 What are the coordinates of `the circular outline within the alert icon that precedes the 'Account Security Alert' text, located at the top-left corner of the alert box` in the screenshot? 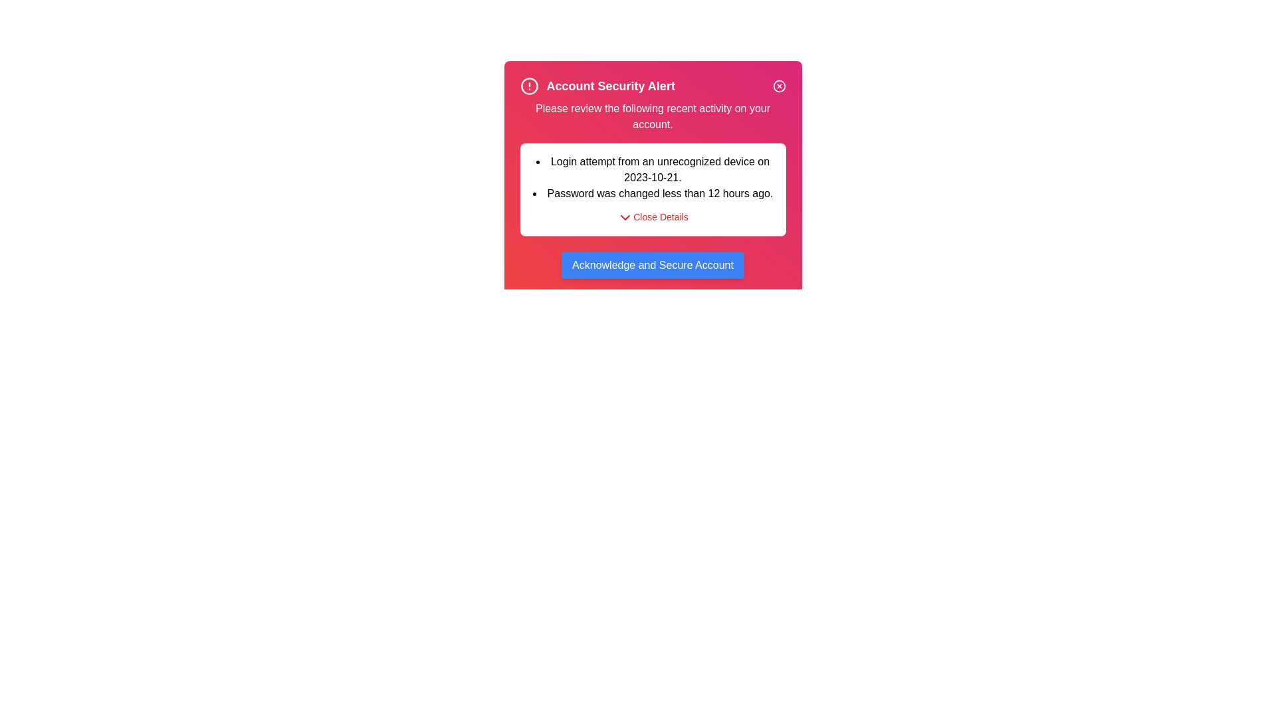 It's located at (528, 86).